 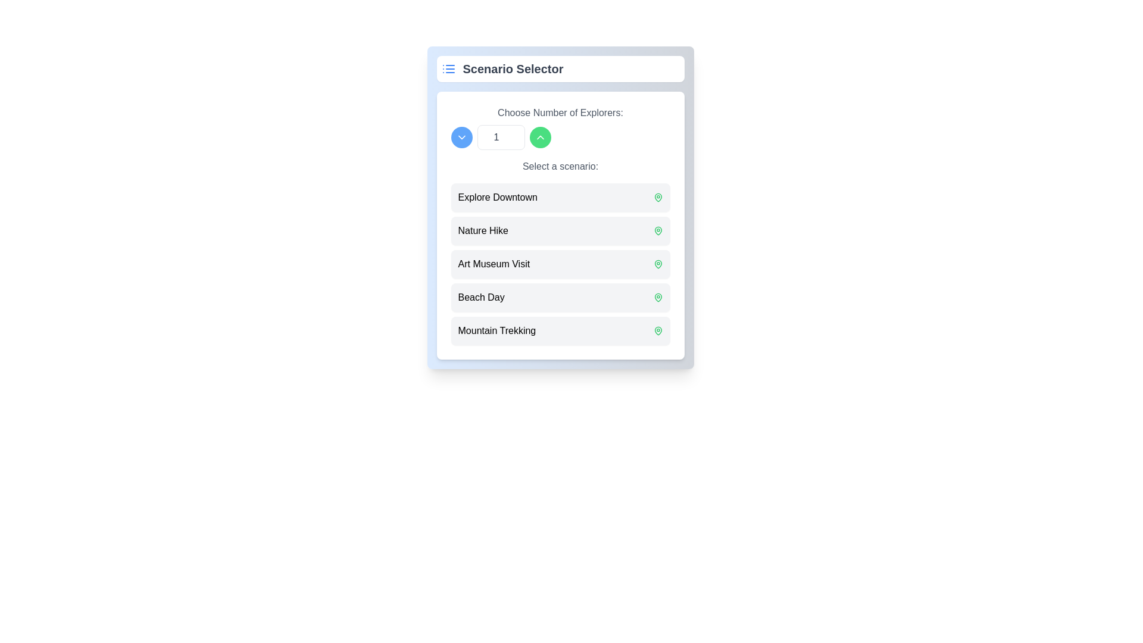 What do you see at coordinates (560, 167) in the screenshot?
I see `the text label that reads 'Select a scenario:', which is styled in gray and serves as a subheading for the selection options below` at bounding box center [560, 167].